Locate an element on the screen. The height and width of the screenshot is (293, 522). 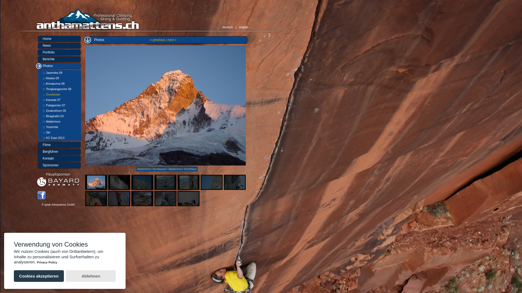
'Sponsoren' is located at coordinates (47, 165).